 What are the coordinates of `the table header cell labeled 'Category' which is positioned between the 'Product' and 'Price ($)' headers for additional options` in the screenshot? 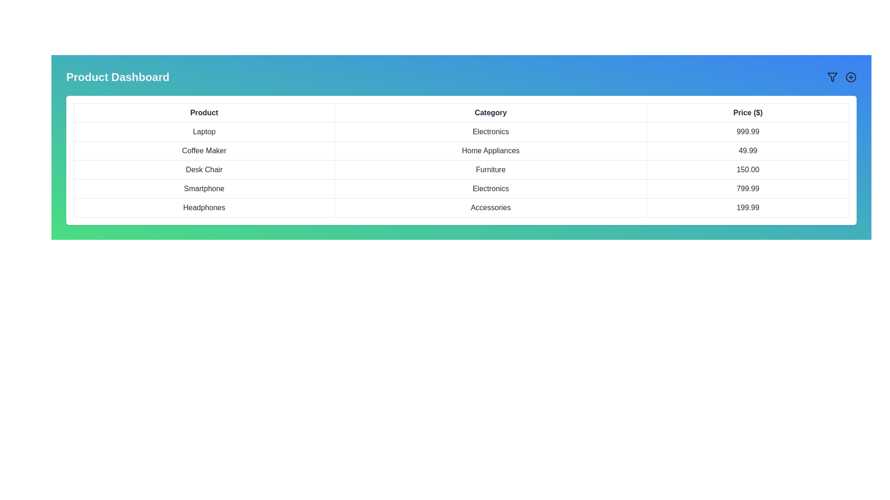 It's located at (490, 112).